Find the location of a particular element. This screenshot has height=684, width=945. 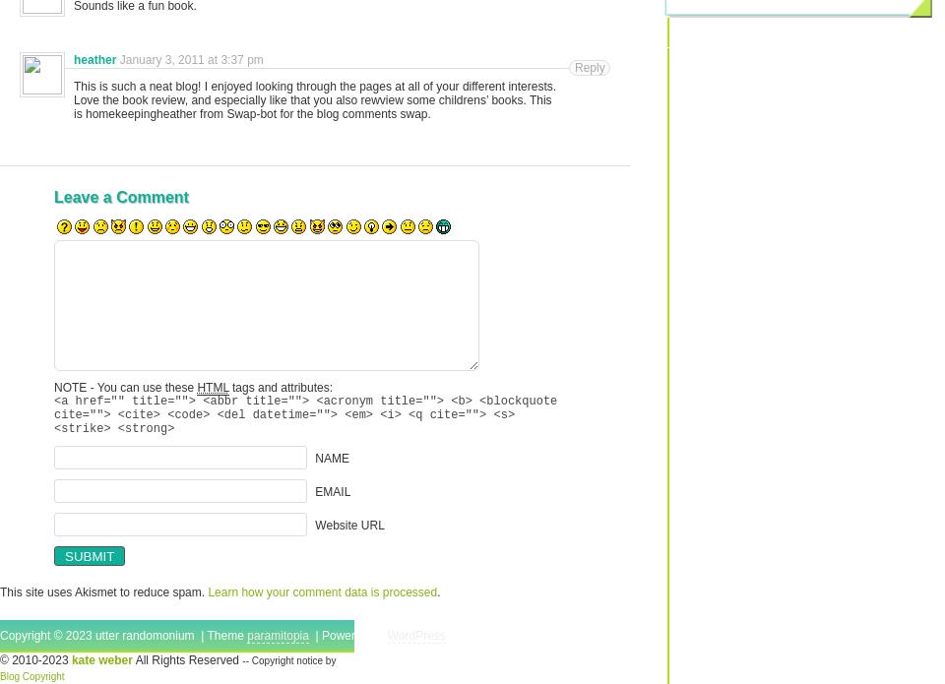

'WordPress' is located at coordinates (415, 635).